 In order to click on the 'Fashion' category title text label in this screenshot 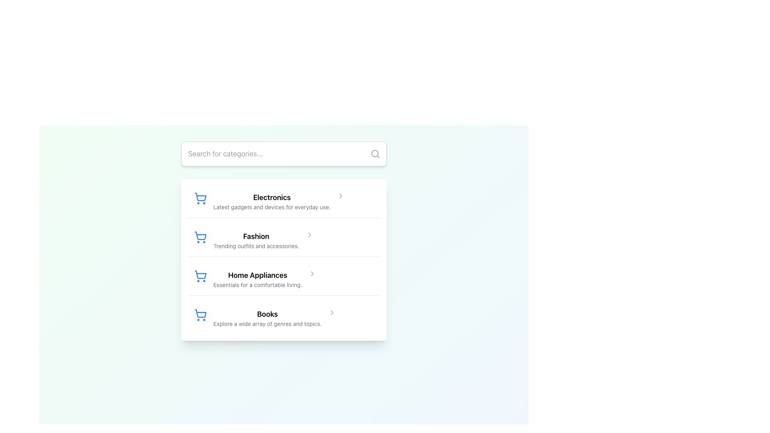, I will do `click(255, 236)`.